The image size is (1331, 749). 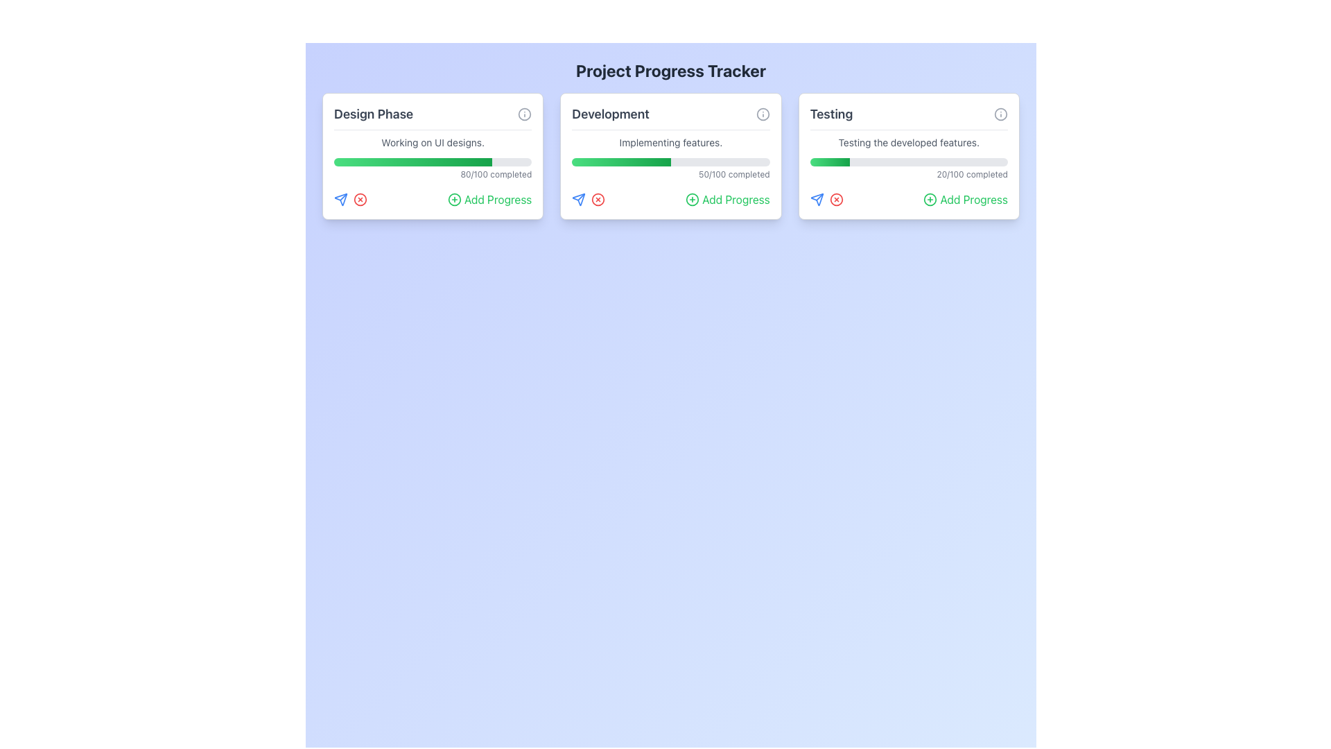 I want to click on the text label that provides a brief description of the progress associated with the 'Testing' phase, located within the third card titled 'Testing', below the title 'Testing' and above a progress indicator, so click(x=909, y=142).